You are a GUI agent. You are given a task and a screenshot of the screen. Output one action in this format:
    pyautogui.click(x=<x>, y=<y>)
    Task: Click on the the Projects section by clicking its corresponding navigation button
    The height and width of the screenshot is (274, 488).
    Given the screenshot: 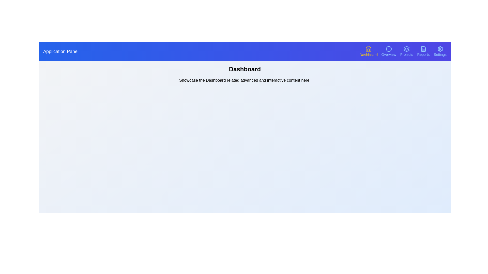 What is the action you would take?
    pyautogui.click(x=406, y=52)
    